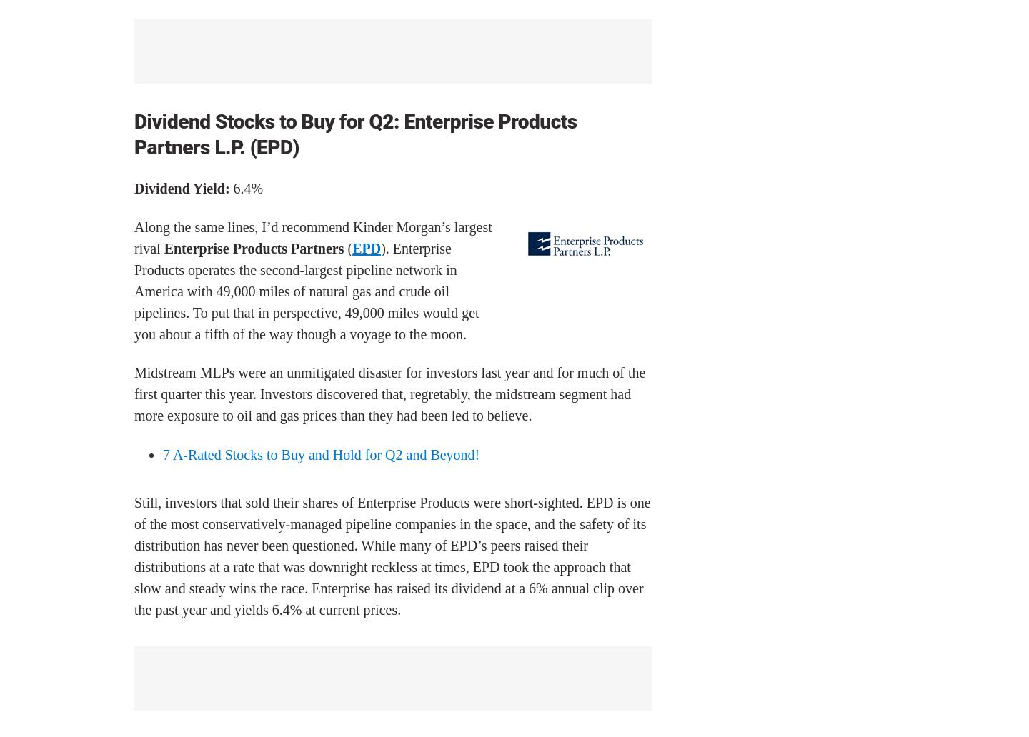  I want to click on '7 A-Rated Stocks to Buy and Hold for Q2 and Beyond!', so click(321, 454).